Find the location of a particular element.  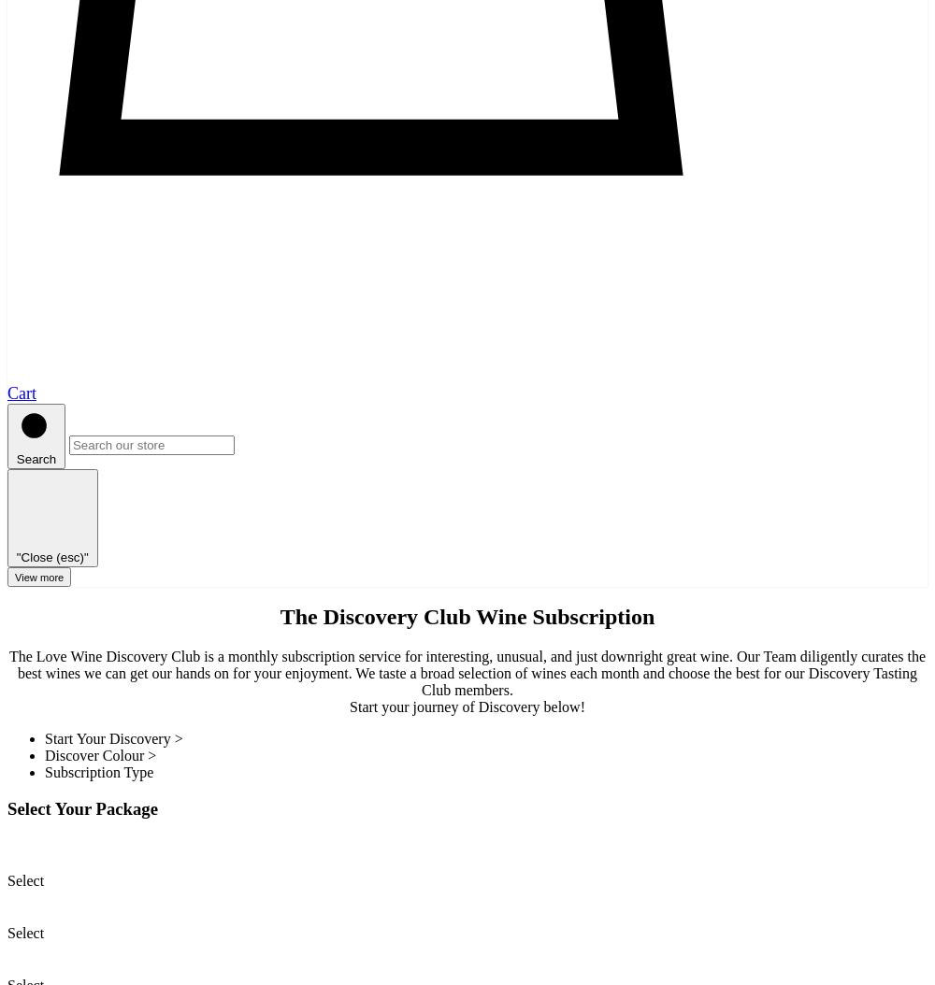

'The Love Wine Discovery Club is a monthly subscription service for interesting, unusual, and just downright great wine. Our Team diligently curates the best wines we can get our hands on for your enjoyment. We taste a broad selection of wines each month and choose the best for our Discovery Tasting Club members.' is located at coordinates (466, 672).